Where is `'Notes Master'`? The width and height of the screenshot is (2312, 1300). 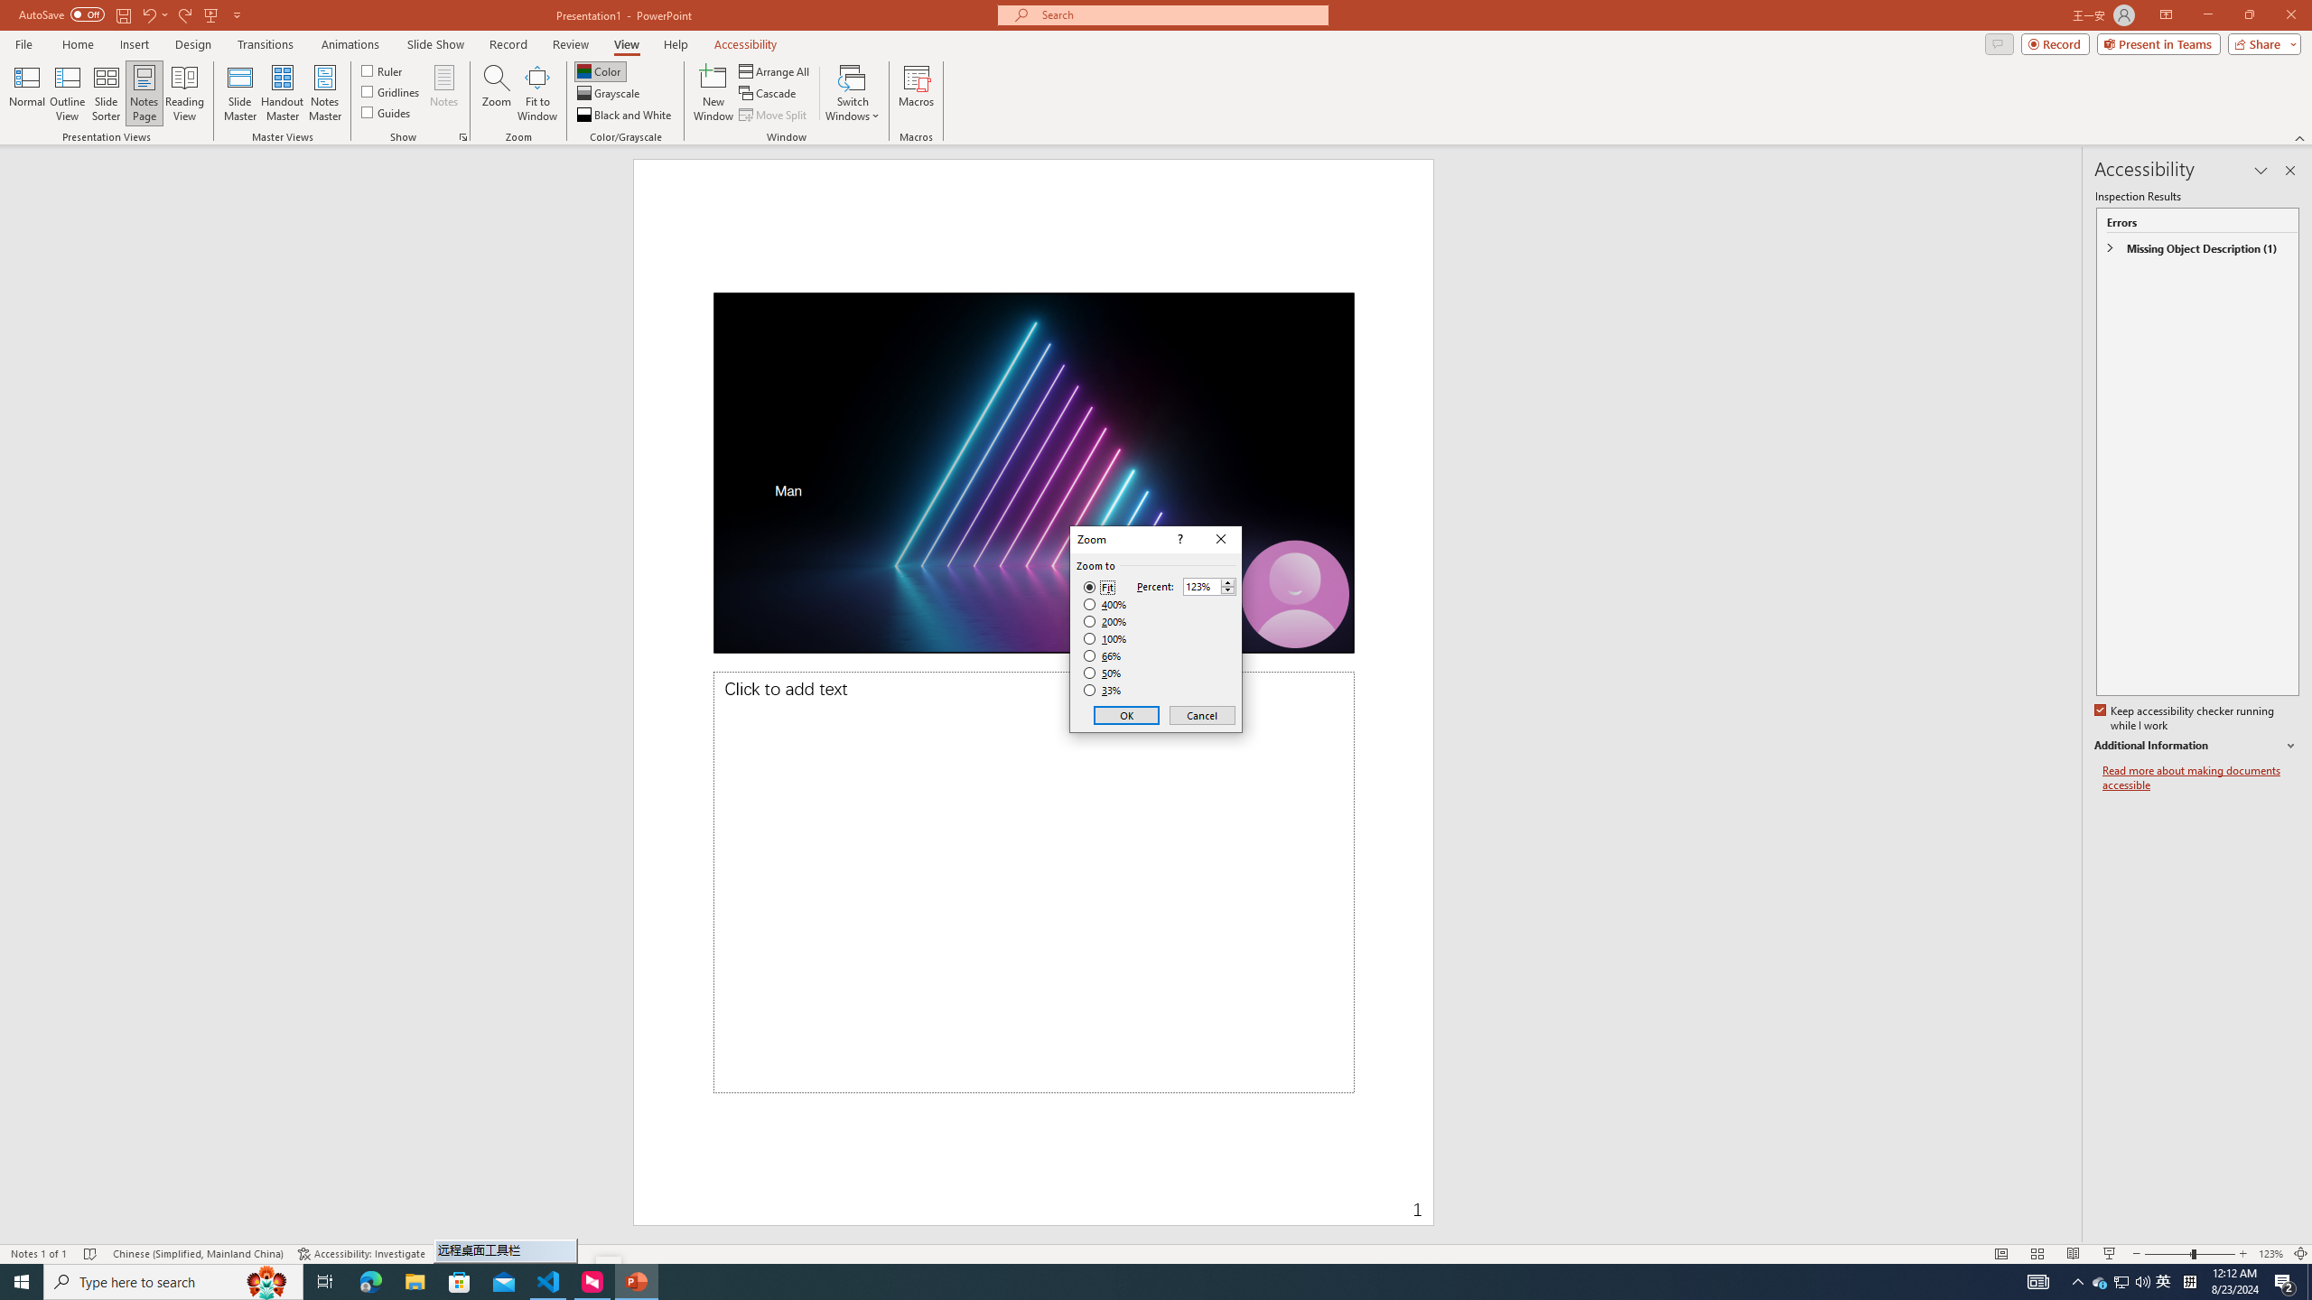
'Notes Master' is located at coordinates (323, 93).